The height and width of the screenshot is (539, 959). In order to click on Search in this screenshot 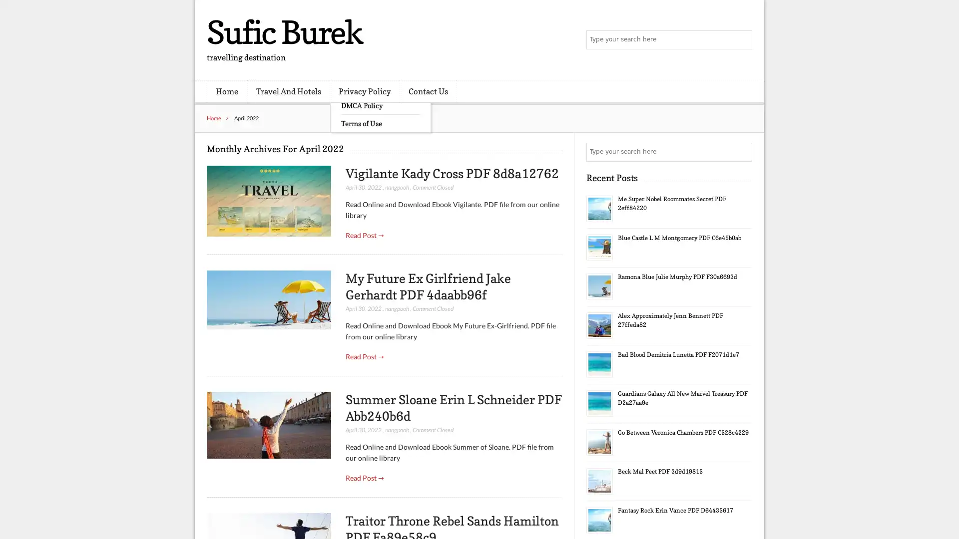, I will do `click(742, 40)`.